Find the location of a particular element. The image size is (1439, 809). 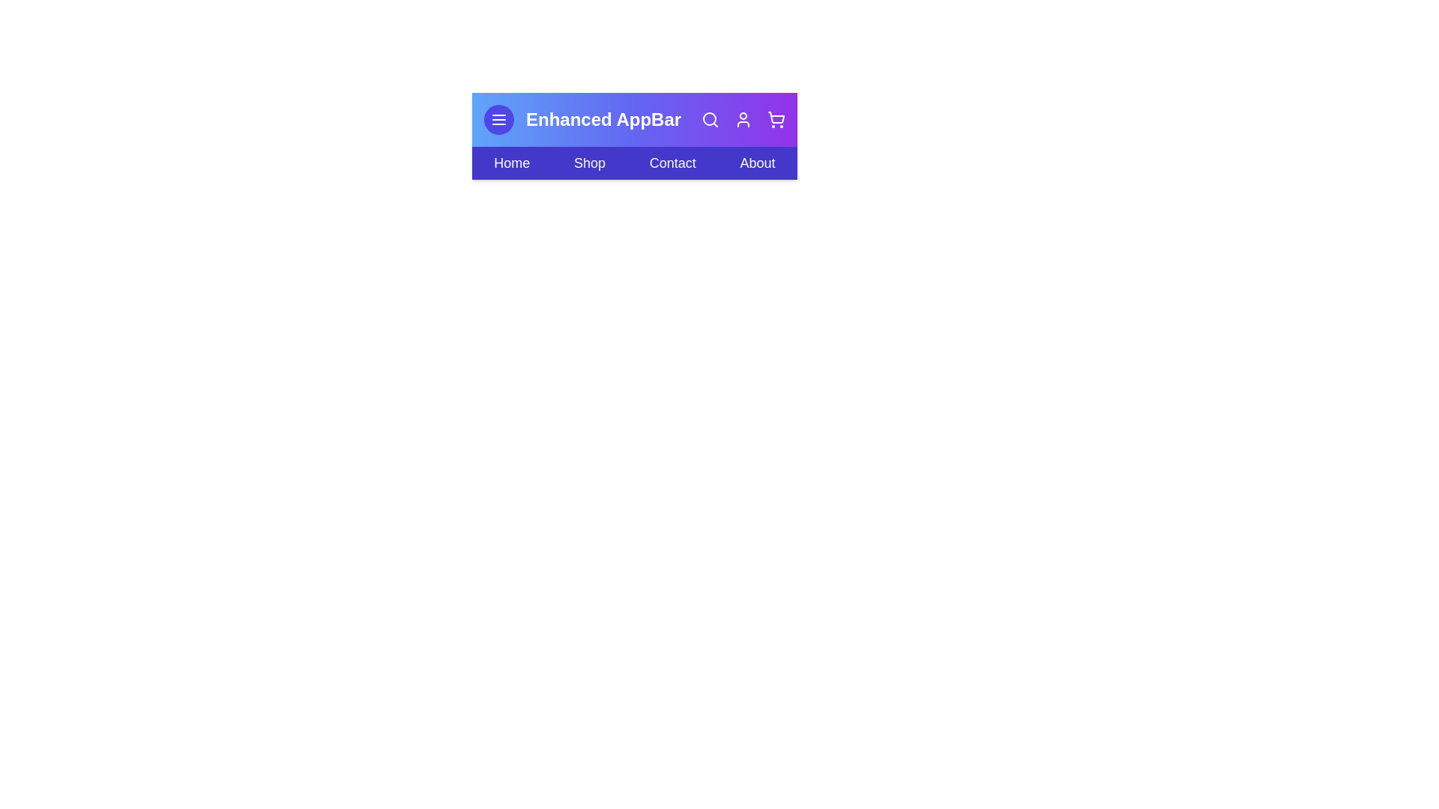

the About navigation link is located at coordinates (758, 163).